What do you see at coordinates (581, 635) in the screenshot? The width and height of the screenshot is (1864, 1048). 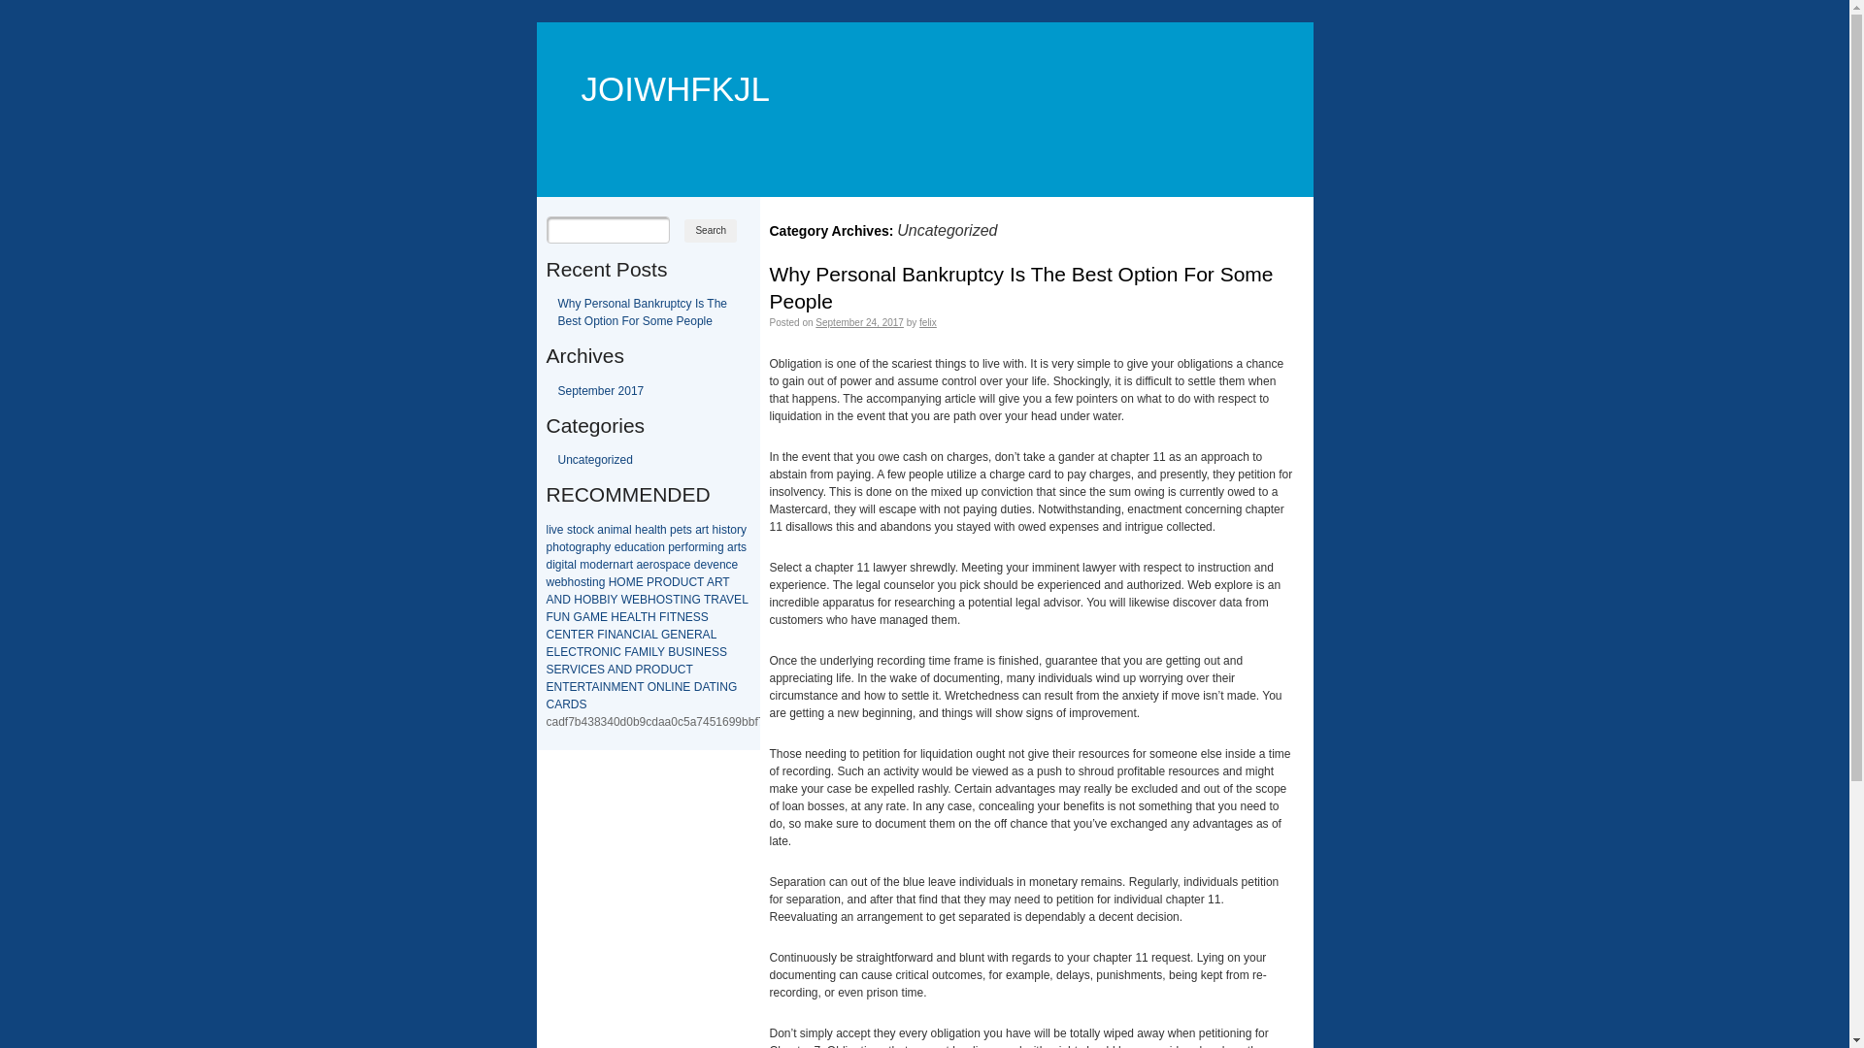 I see `'E'` at bounding box center [581, 635].